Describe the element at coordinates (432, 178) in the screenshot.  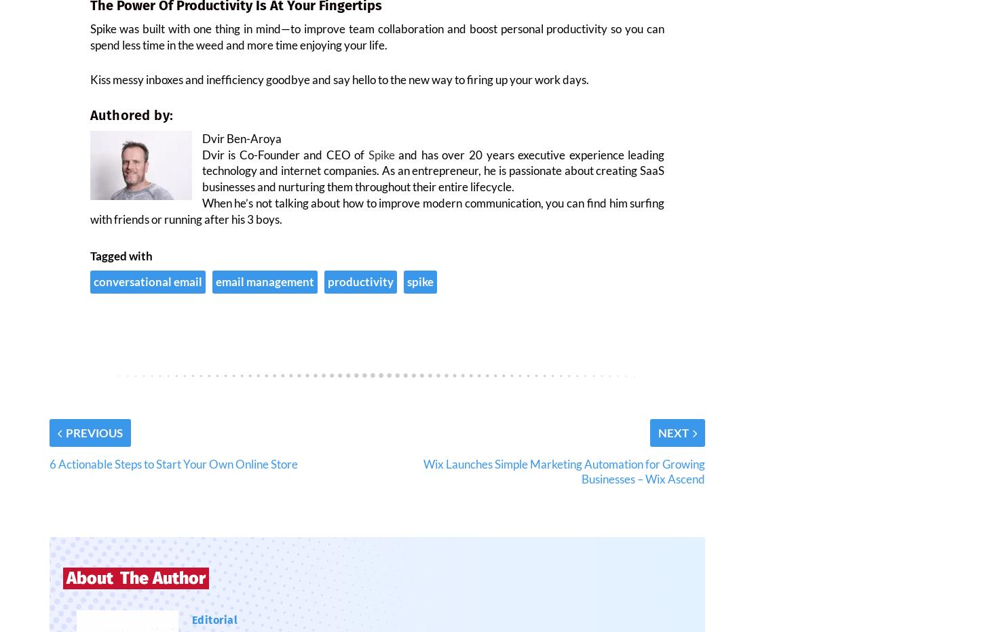
I see `'and has over 20 years executive experience leading technology and internet companies. As an entrepreneur, he is passionate about creating SaaS businesses and nurturing them throughout their entire lifecycle.'` at that location.